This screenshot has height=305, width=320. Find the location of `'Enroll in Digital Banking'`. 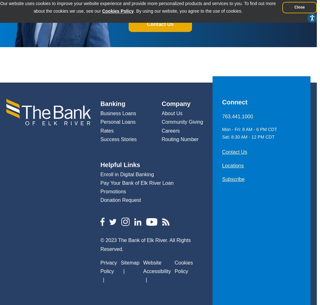

'Enroll in Digital Banking' is located at coordinates (127, 174).